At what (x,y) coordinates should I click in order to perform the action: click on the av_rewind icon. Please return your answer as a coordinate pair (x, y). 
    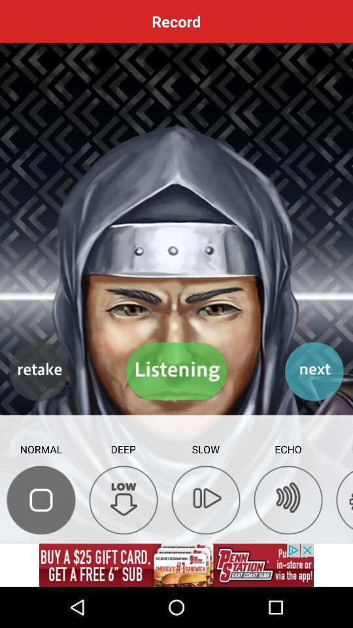
    Looking at the image, I should click on (288, 535).